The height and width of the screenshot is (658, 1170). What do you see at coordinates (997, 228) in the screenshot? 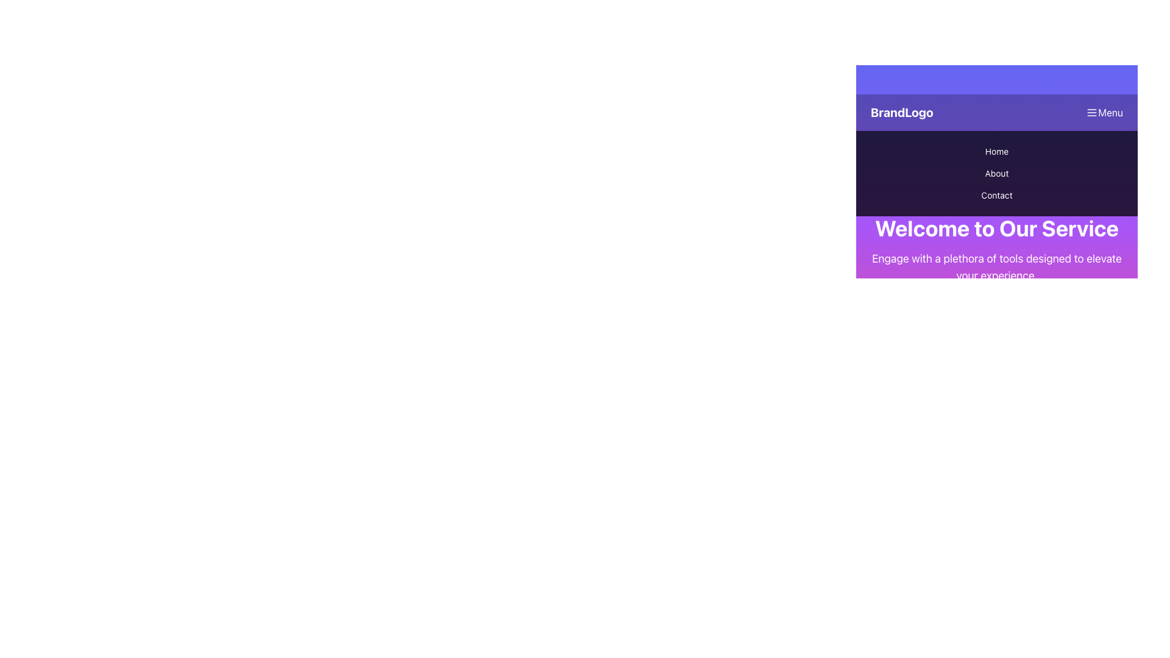
I see `the Text Display element that serves as a heading or title, welcoming the user to the service, located at the top of the central section of the UI` at bounding box center [997, 228].